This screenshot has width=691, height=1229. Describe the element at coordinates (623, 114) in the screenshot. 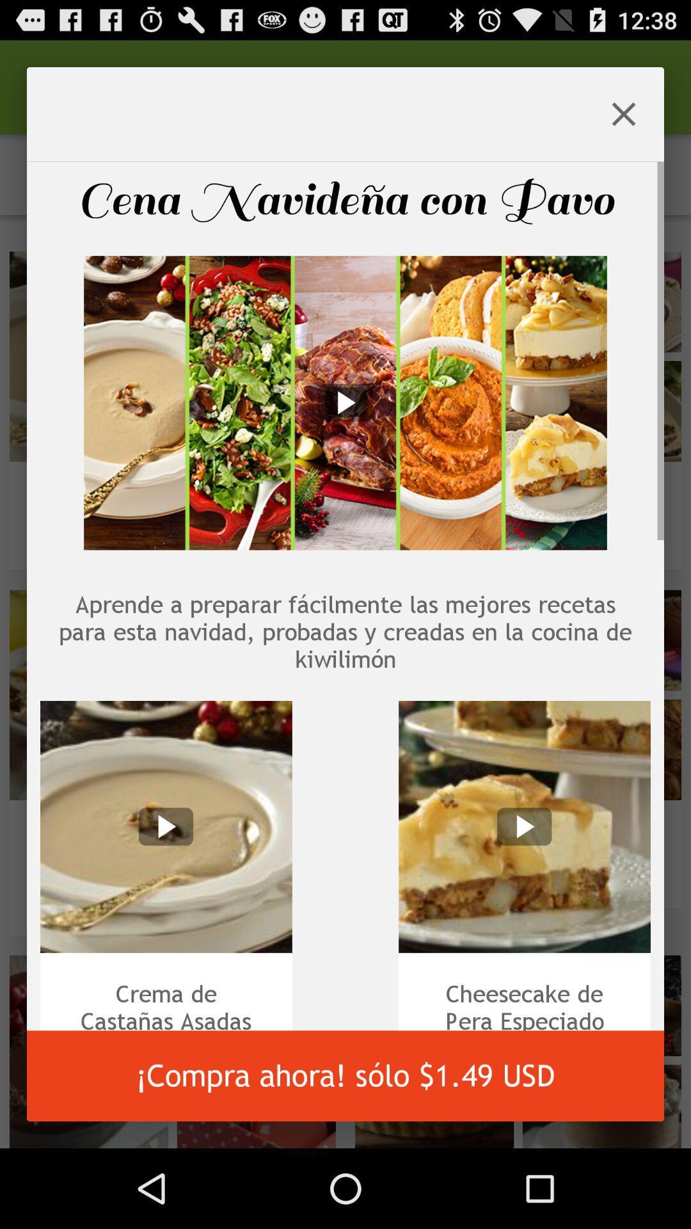

I see `the icon at the top right corner` at that location.